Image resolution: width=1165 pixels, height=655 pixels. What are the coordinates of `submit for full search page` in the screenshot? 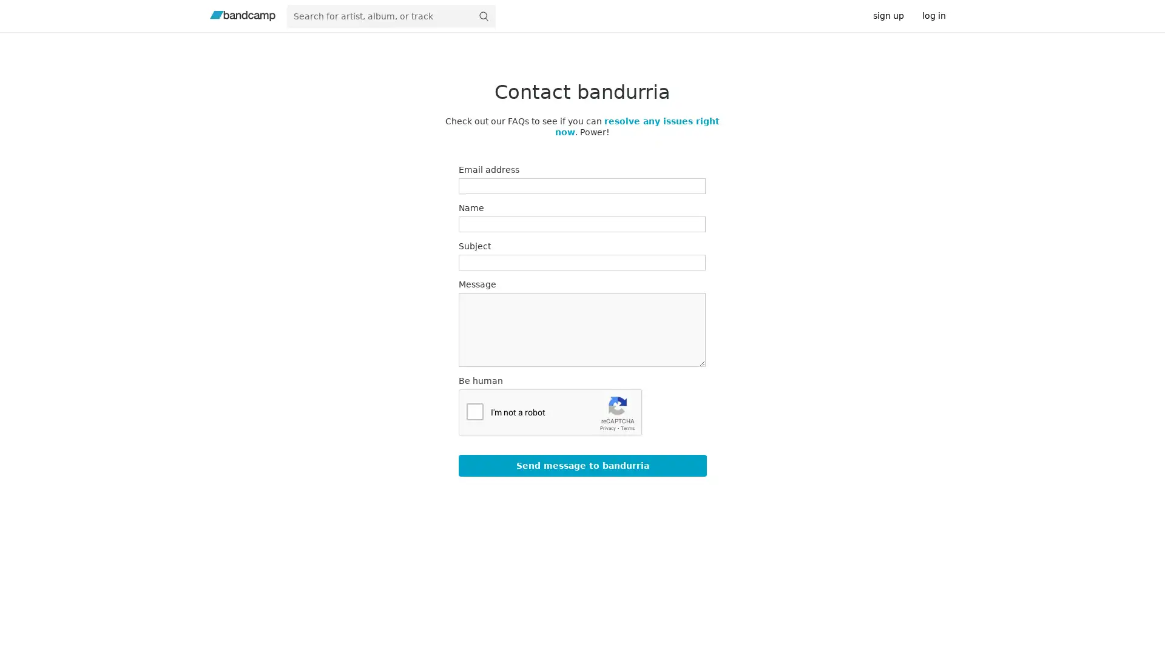 It's located at (482, 16).